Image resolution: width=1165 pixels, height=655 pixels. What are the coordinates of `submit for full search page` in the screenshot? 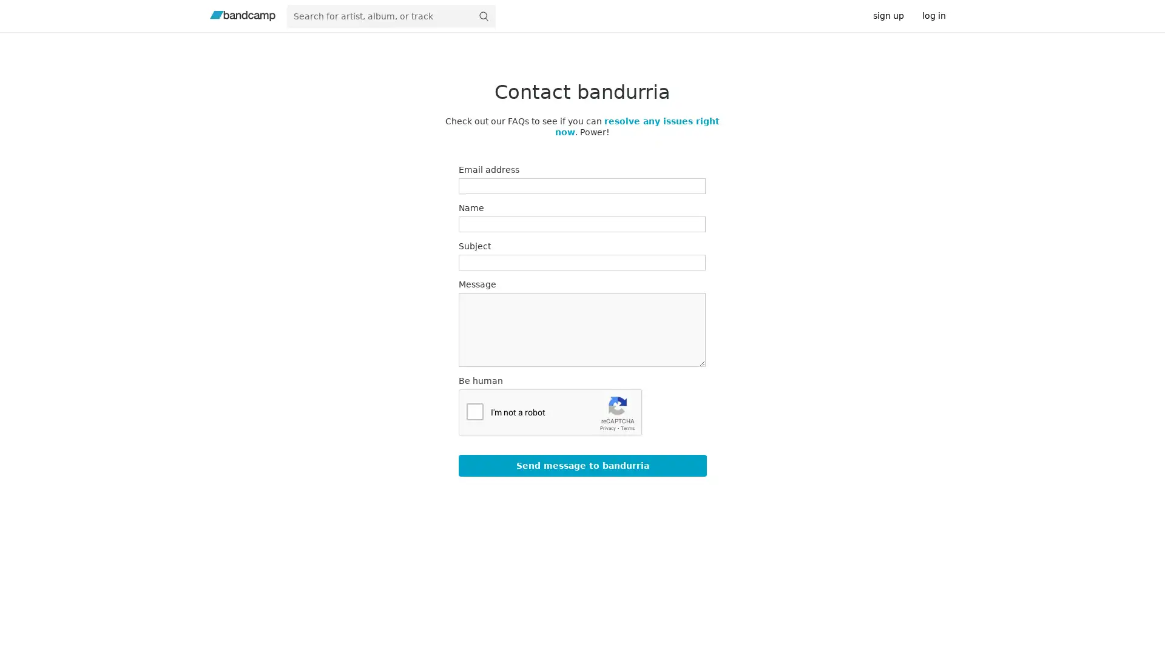 It's located at (482, 16).